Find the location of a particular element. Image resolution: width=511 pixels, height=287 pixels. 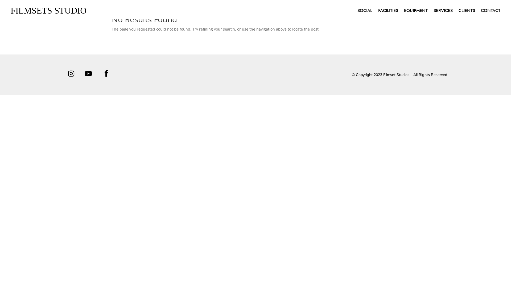

'EQUIPMENT' is located at coordinates (415, 11).